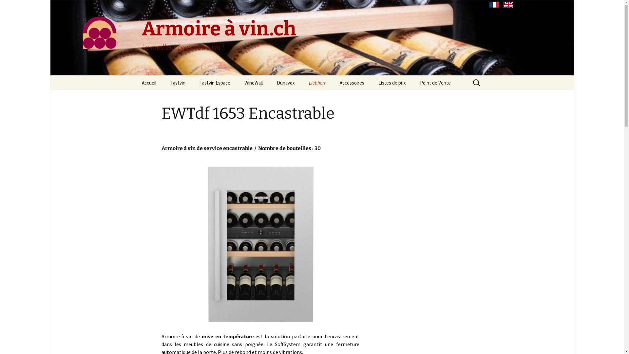 The width and height of the screenshot is (629, 354). What do you see at coordinates (285, 82) in the screenshot?
I see `'Dunavox'` at bounding box center [285, 82].